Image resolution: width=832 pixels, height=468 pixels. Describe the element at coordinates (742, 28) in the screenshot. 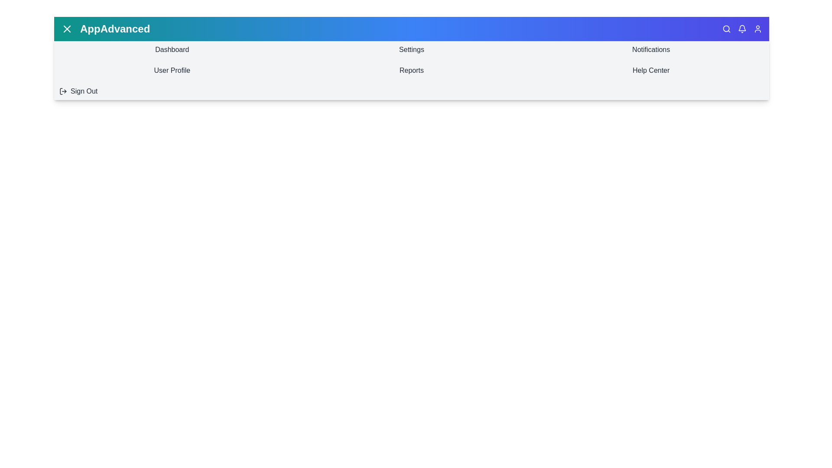

I see `the 'Notifications' icon to view notifications` at that location.